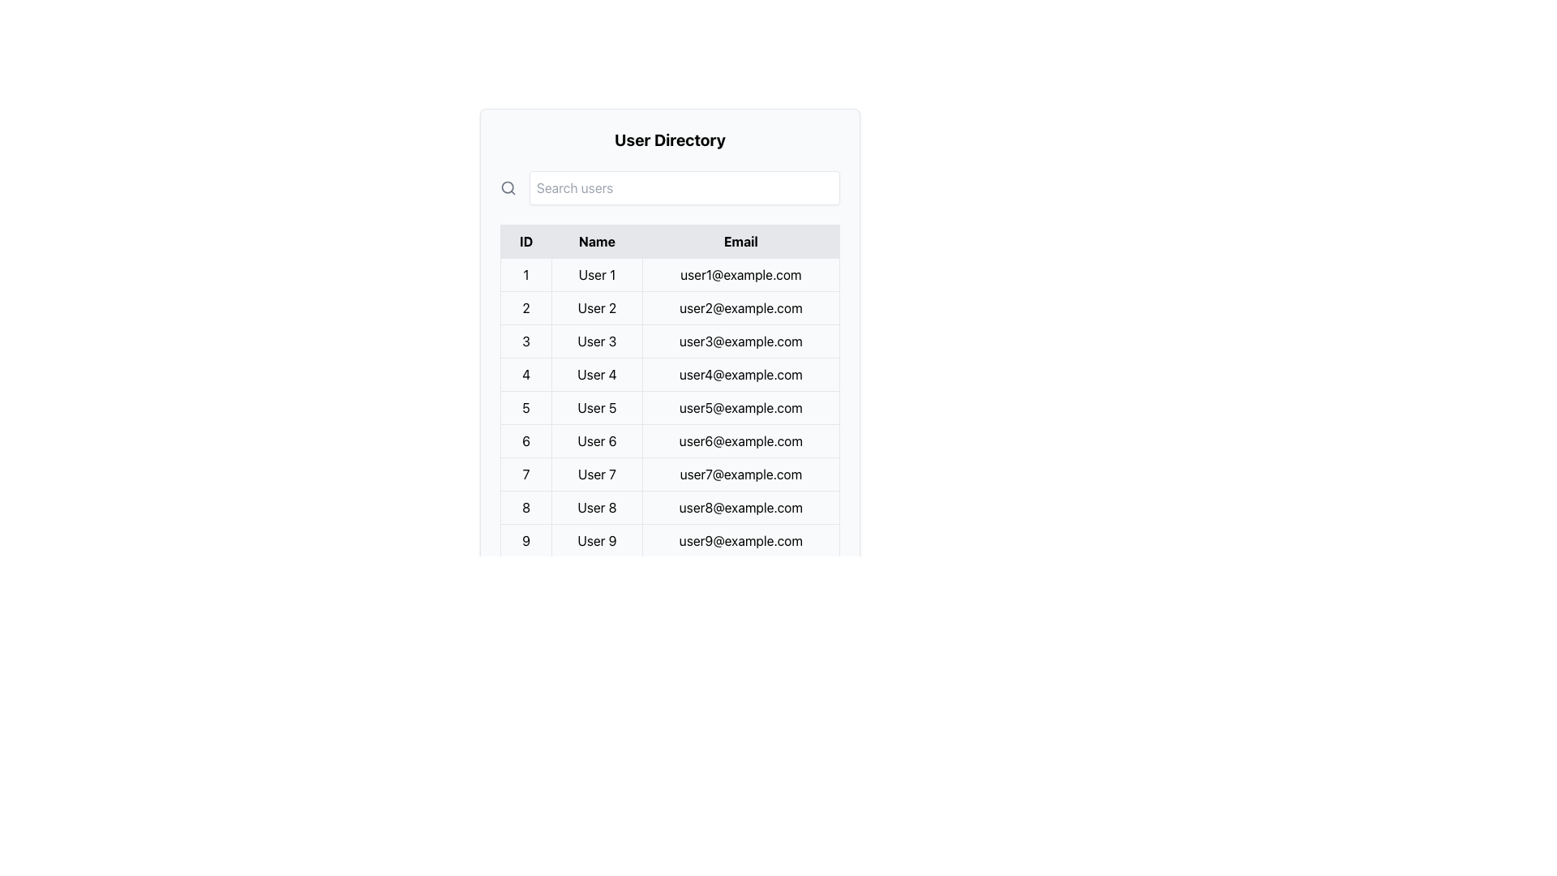  I want to click on the fourth row of the user directory table that contains '4', 'User 4', and 'user4@example.com', so click(670, 375).